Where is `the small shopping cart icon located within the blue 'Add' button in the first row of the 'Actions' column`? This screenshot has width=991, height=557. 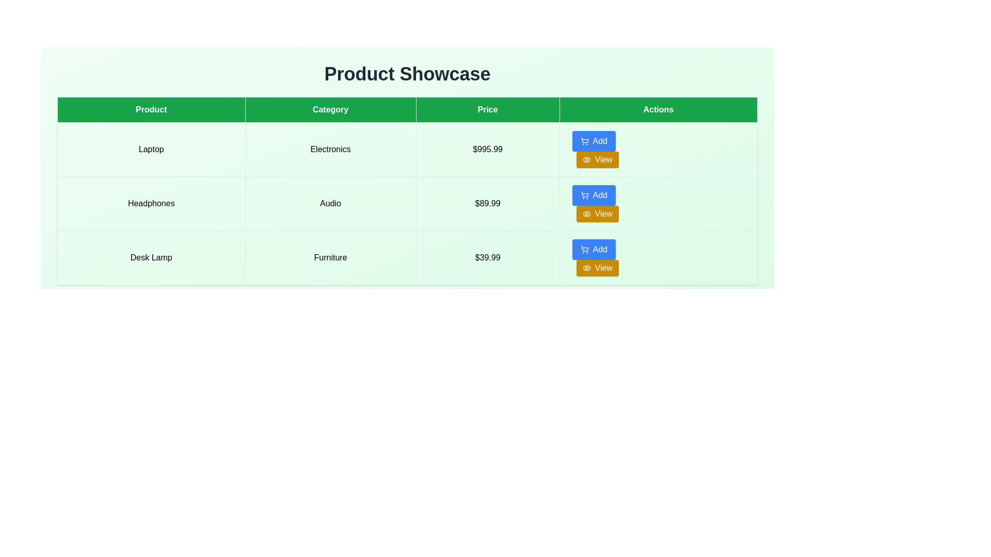 the small shopping cart icon located within the blue 'Add' button in the first row of the 'Actions' column is located at coordinates (584, 141).